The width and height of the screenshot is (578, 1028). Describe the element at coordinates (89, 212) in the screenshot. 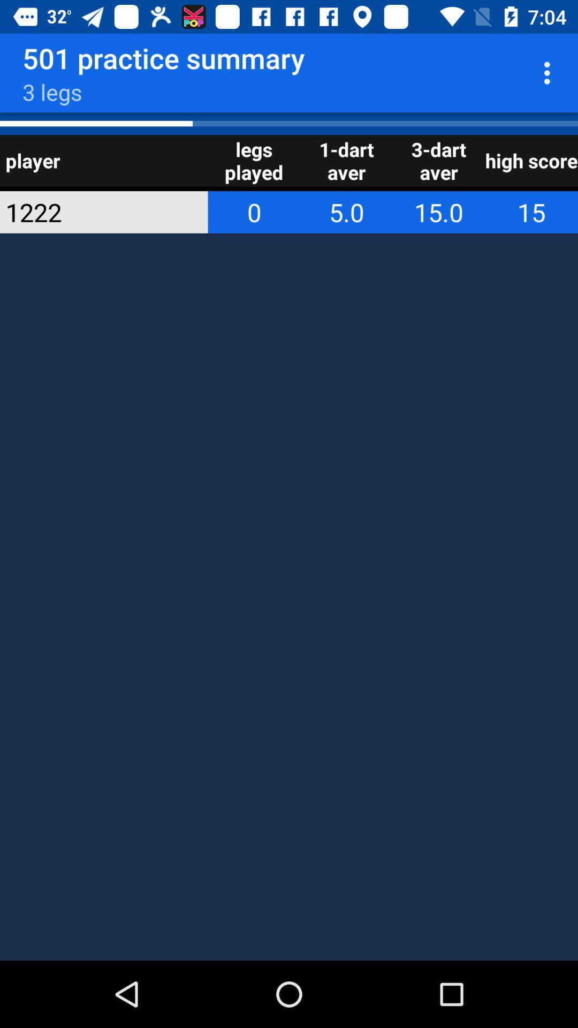

I see `app below player item` at that location.